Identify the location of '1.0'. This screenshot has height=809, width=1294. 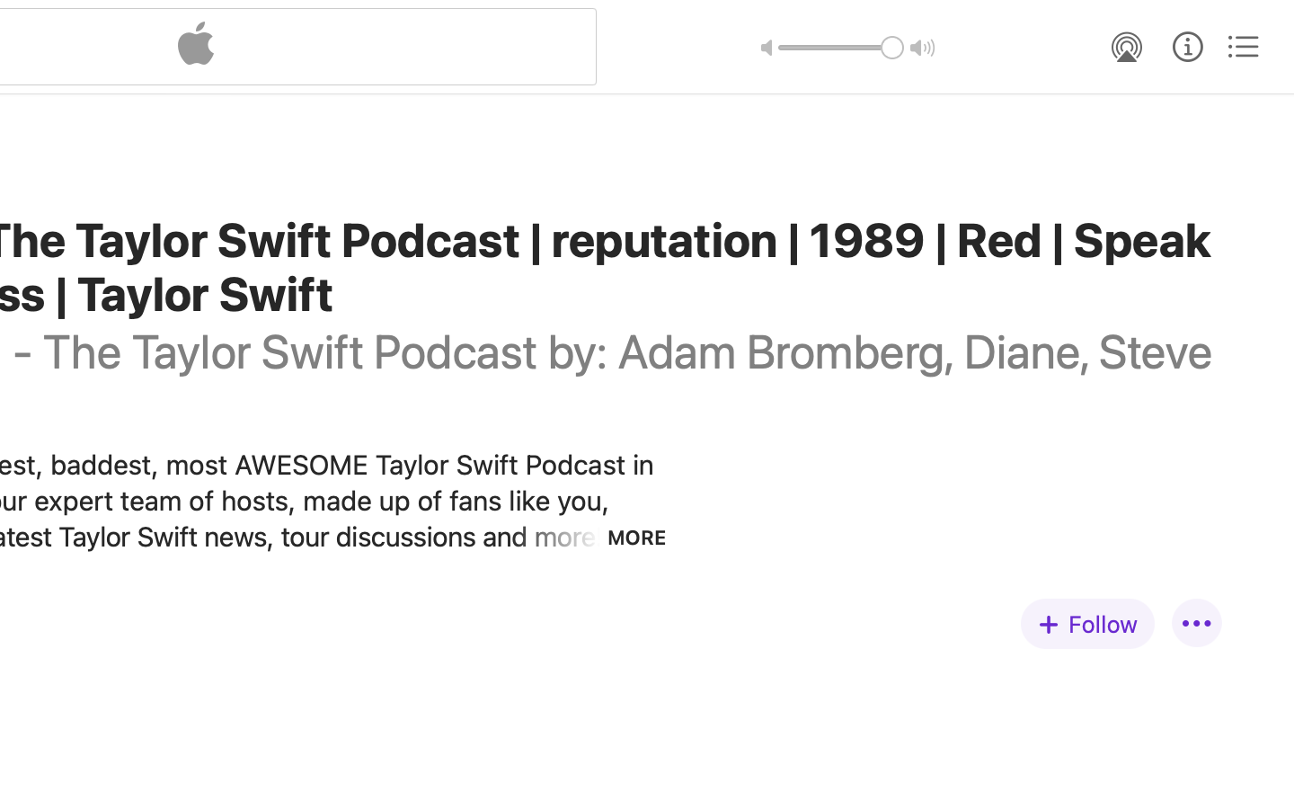
(841, 47).